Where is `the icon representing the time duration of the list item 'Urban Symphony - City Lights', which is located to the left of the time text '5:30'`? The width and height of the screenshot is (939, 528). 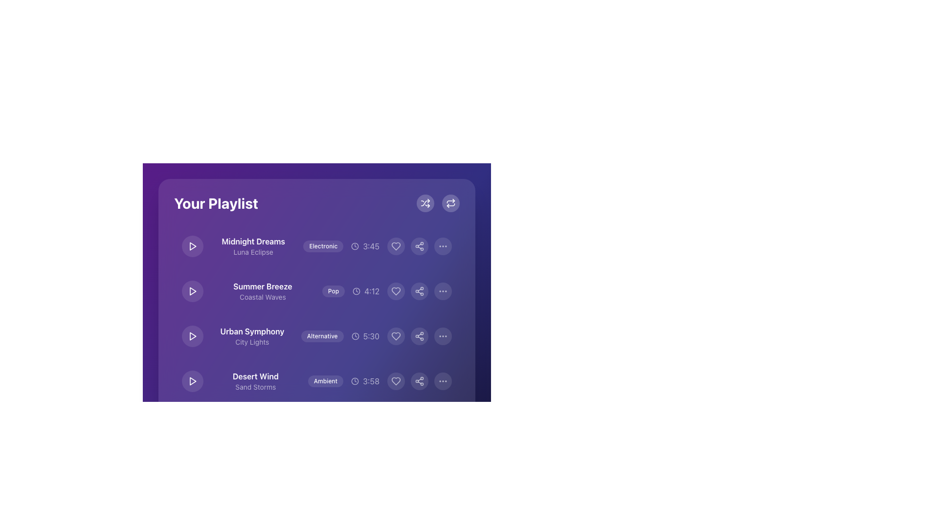
the icon representing the time duration of the list item 'Urban Symphony - City Lights', which is located to the left of the time text '5:30' is located at coordinates (355, 335).